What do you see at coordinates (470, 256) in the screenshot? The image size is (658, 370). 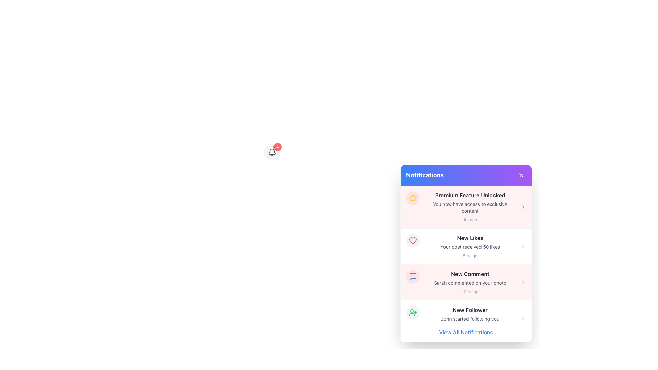 I see `text label that shows the relative time since the notification occurred, located below the 'Your post received 50 likes' text in the 'New Likes' notification` at bounding box center [470, 256].